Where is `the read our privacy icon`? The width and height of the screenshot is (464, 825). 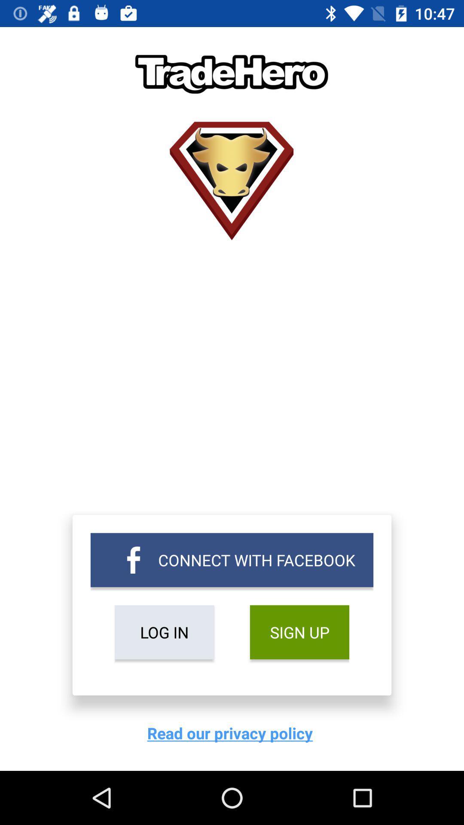 the read our privacy icon is located at coordinates (232, 733).